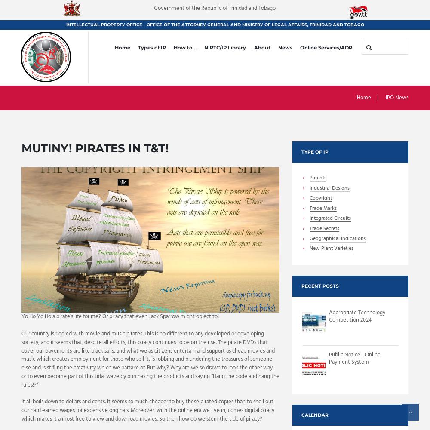  I want to click on 'Integrated Circuits', so click(330, 218).